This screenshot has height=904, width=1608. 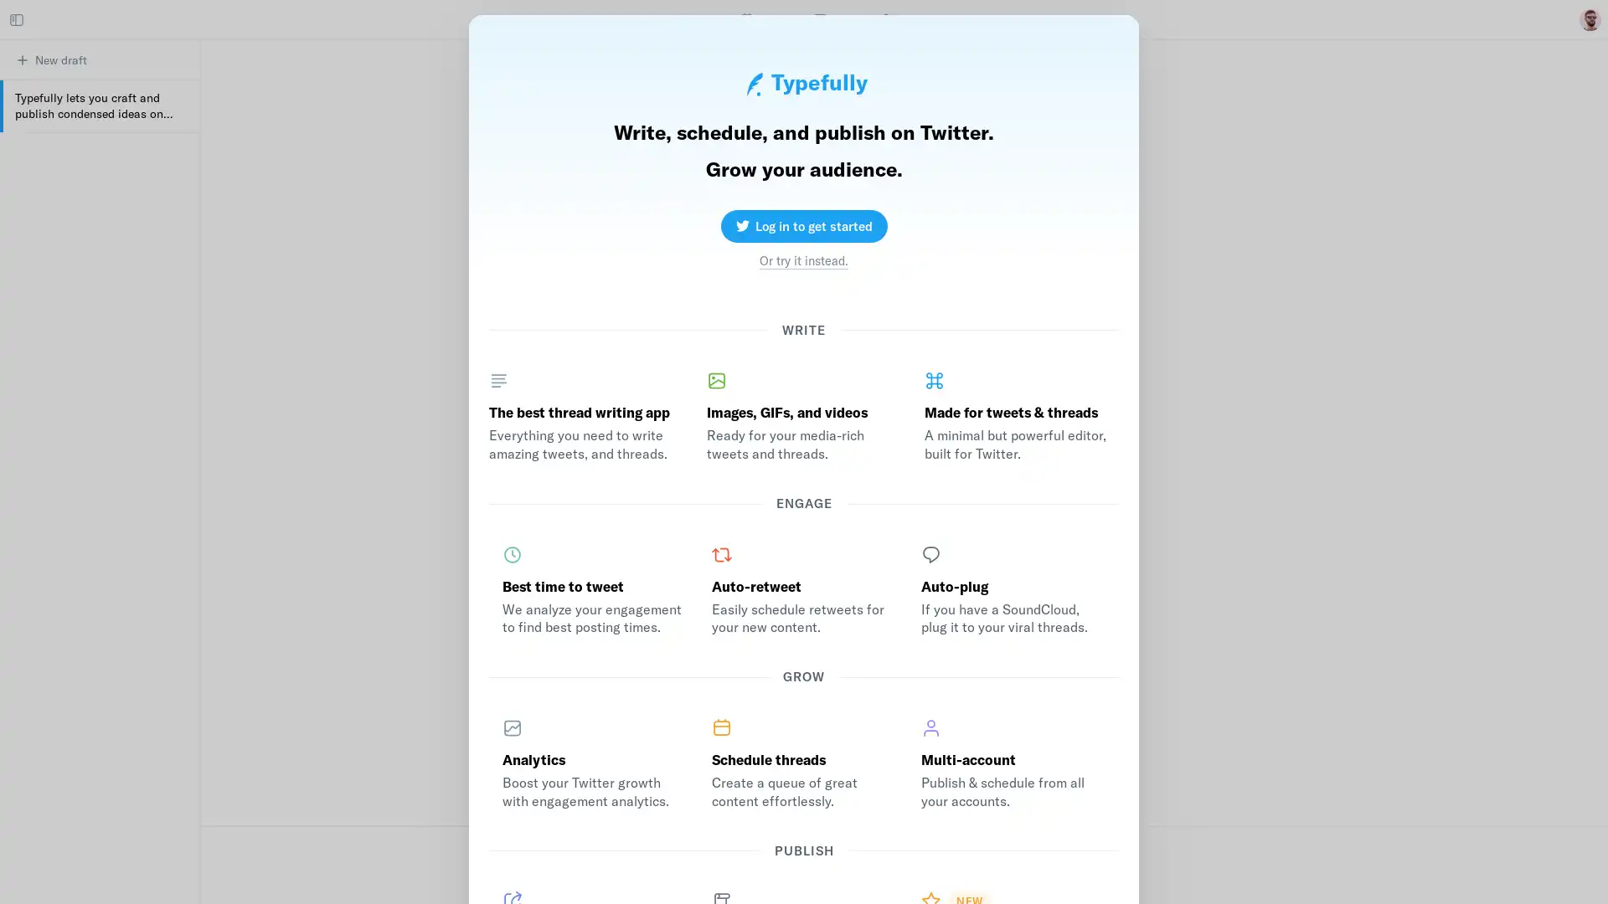 What do you see at coordinates (790, 877) in the screenshot?
I see `Schedule` at bounding box center [790, 877].